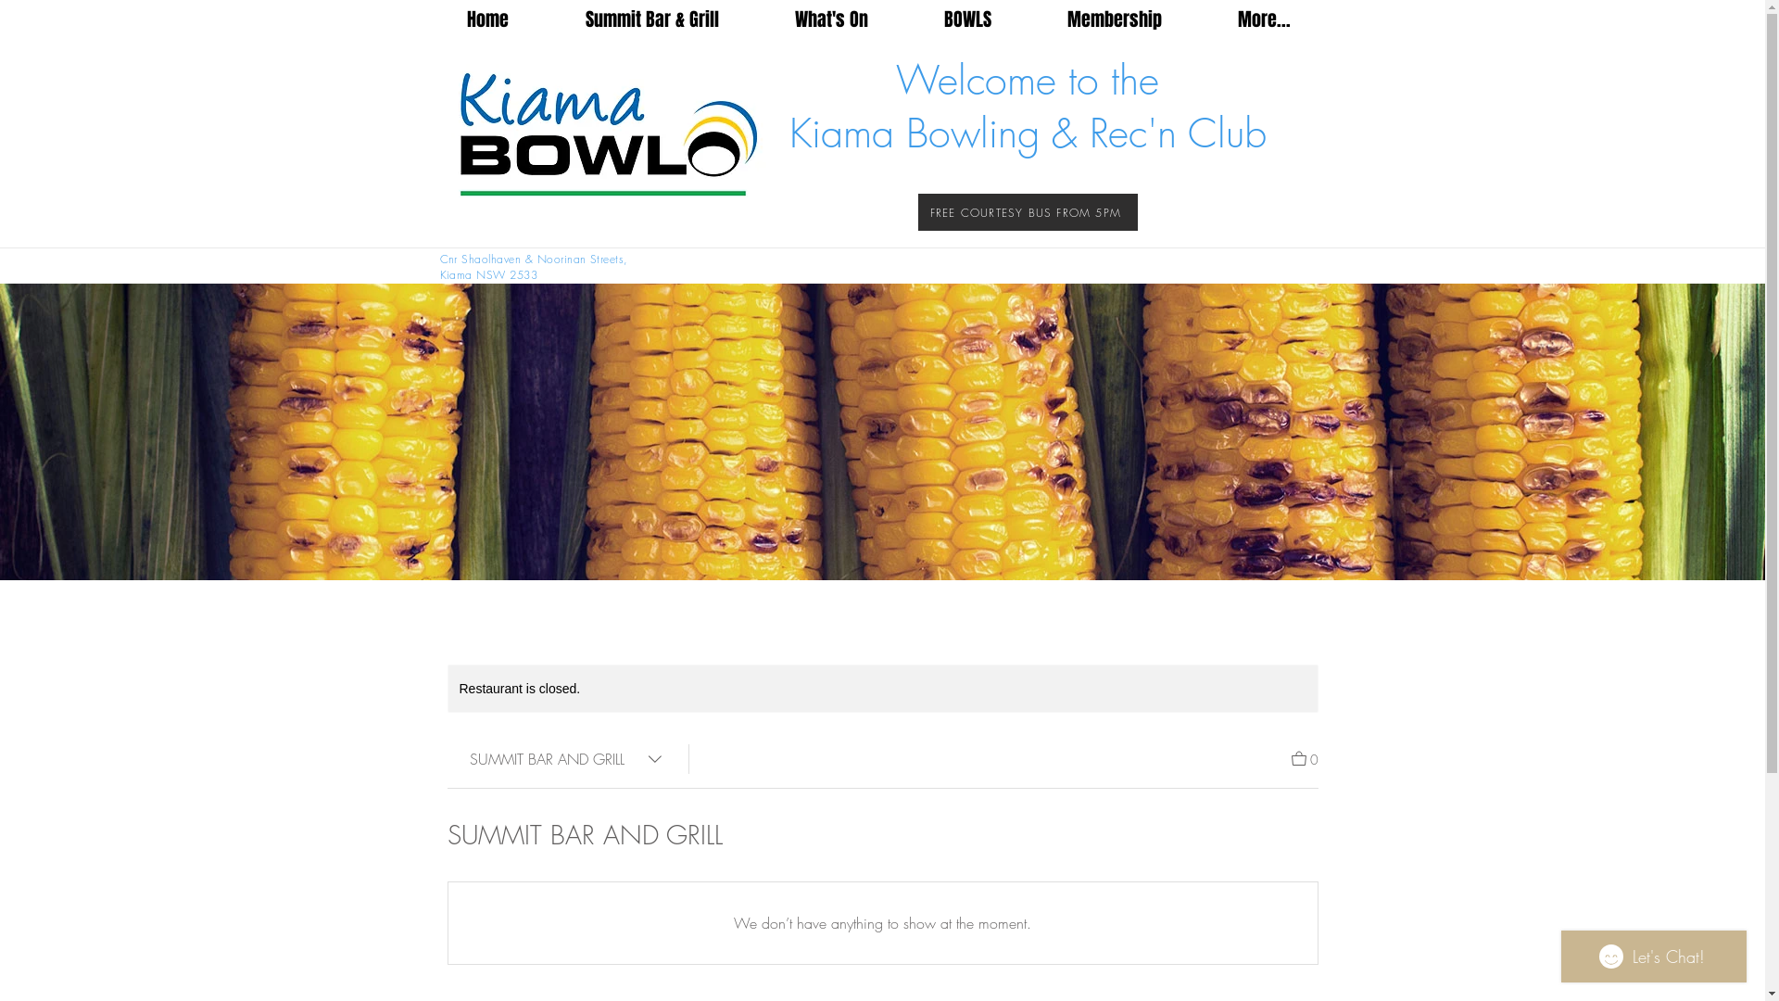  What do you see at coordinates (829, 19) in the screenshot?
I see `'What's On'` at bounding box center [829, 19].